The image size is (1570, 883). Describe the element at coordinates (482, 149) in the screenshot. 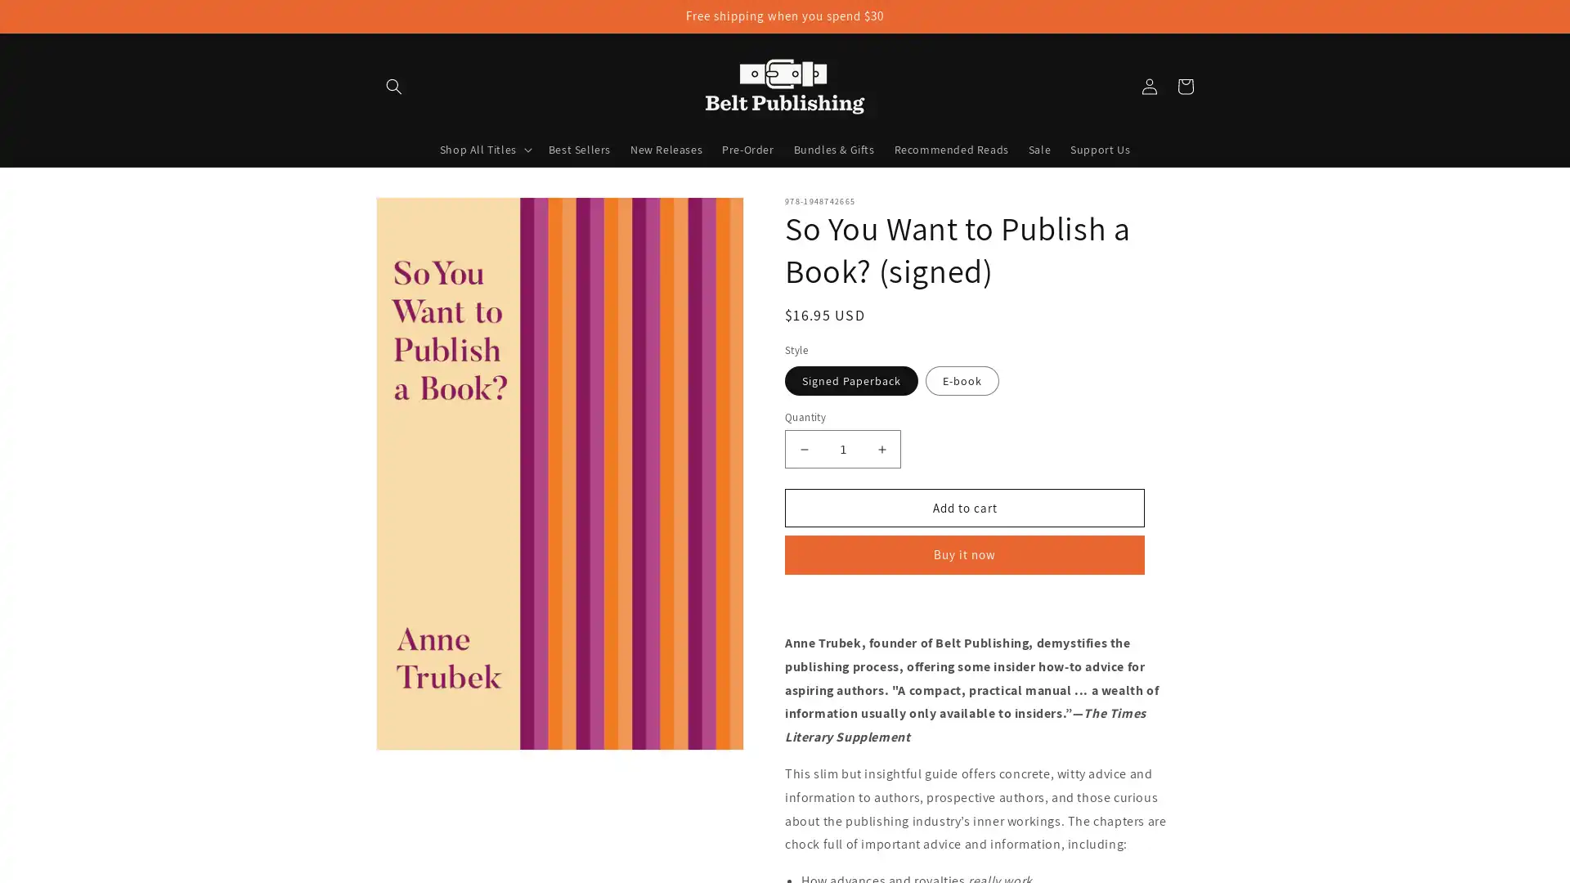

I see `Shop All Titles` at that location.